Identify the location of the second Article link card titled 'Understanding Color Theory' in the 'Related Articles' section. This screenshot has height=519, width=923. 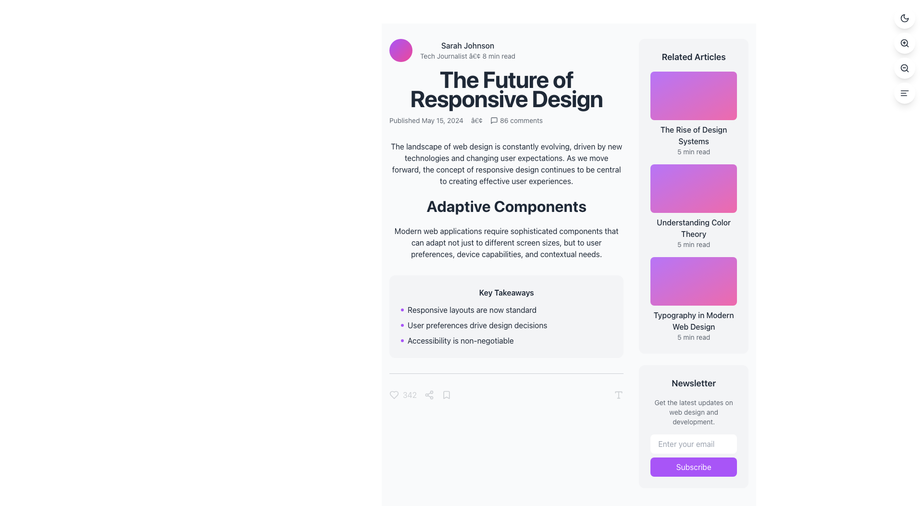
(694, 206).